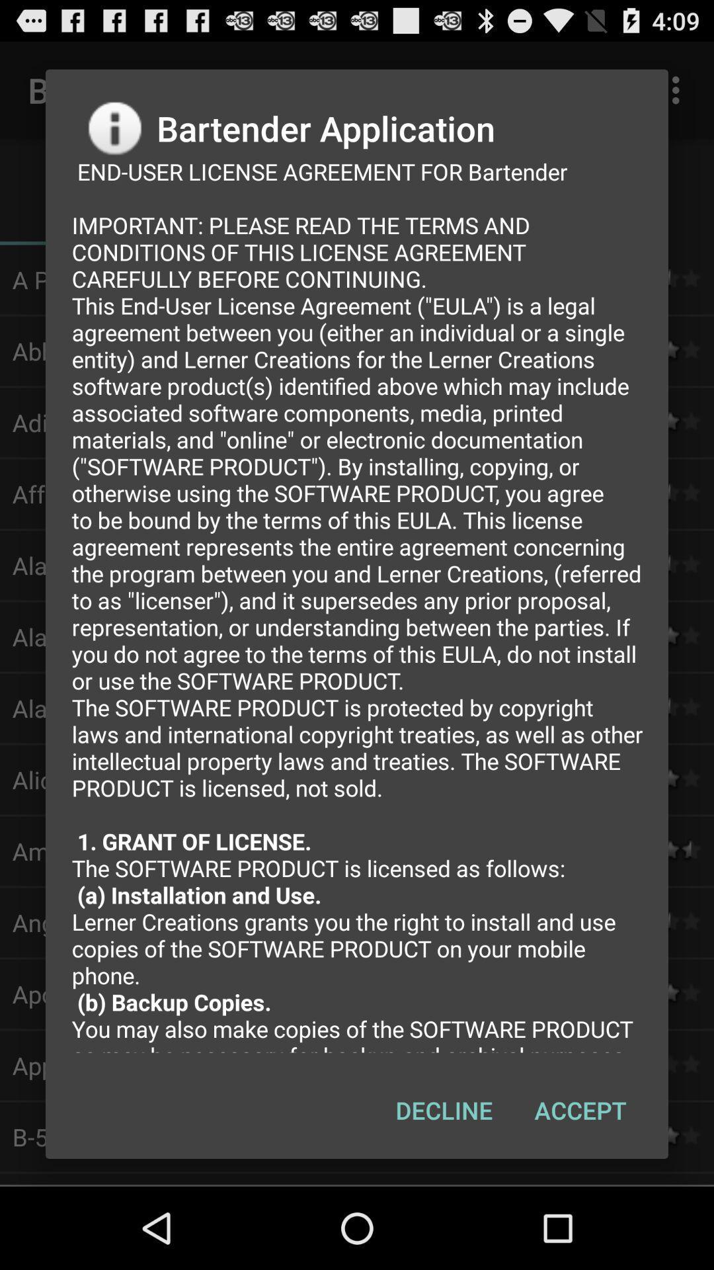 This screenshot has height=1270, width=714. I want to click on the button at the bottom, so click(444, 1110).